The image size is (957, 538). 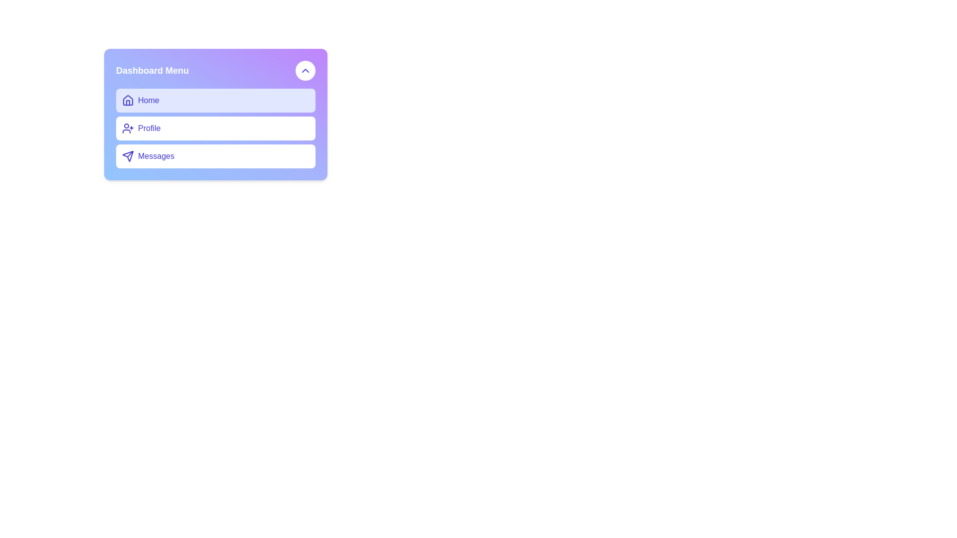 I want to click on the 'Profile' navigation button, which is the second component in the vertically stacked list of buttons labeled 'Home', 'Profile', and 'Messages', so click(x=215, y=114).